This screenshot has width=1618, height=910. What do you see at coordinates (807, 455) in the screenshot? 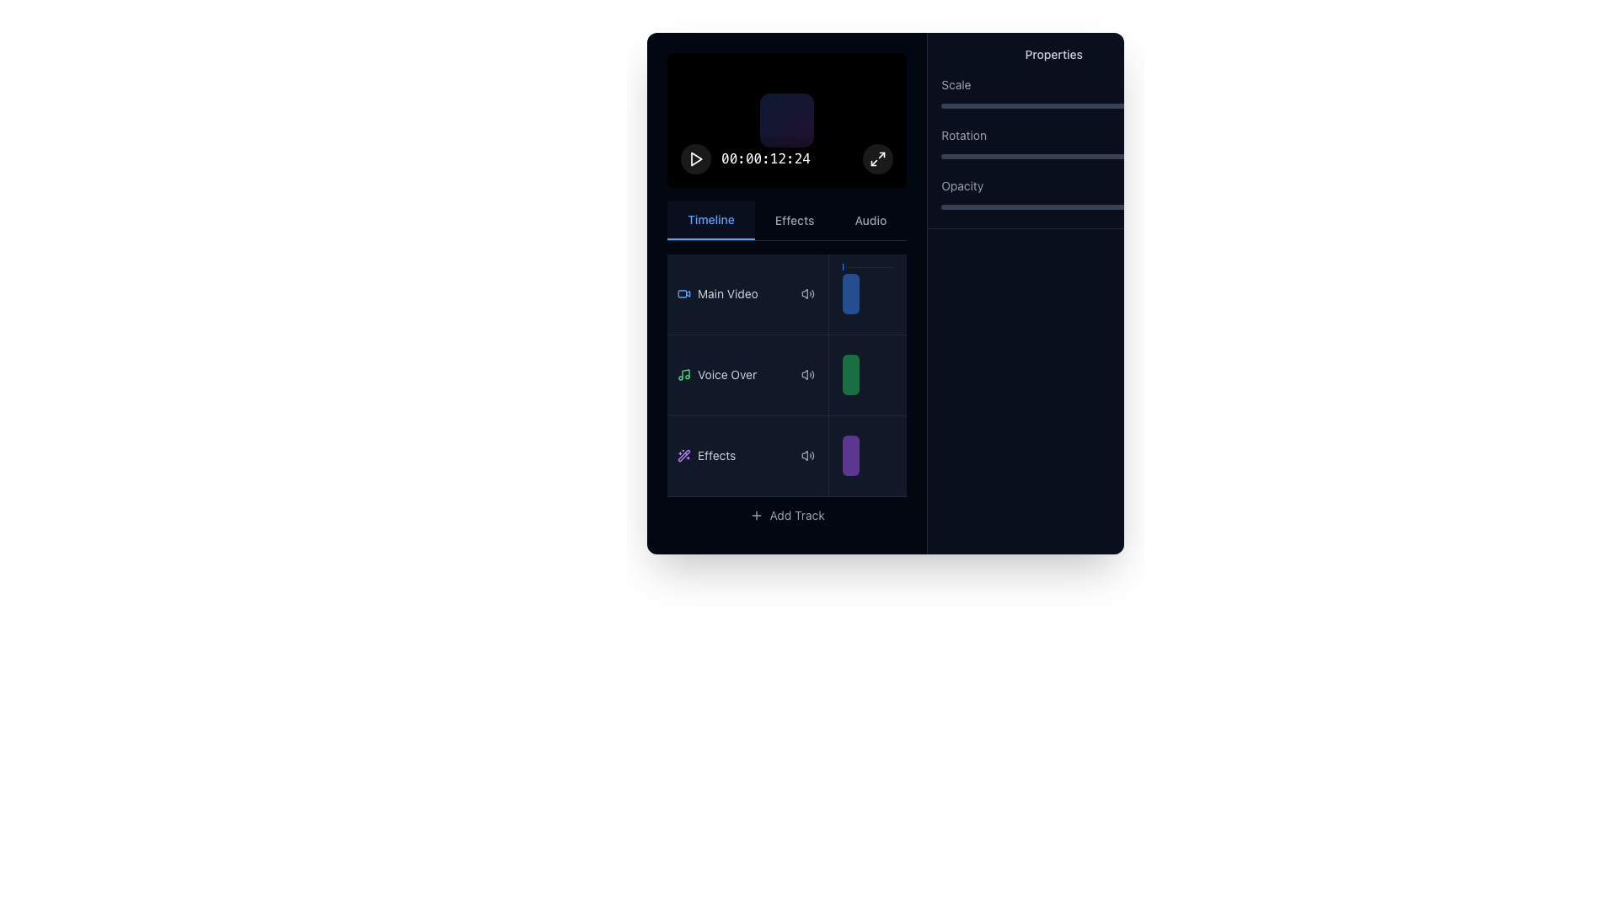
I see `the sound adjustment icon, which is a loudspeaker with sound waves, located under the 'Effects' row` at bounding box center [807, 455].